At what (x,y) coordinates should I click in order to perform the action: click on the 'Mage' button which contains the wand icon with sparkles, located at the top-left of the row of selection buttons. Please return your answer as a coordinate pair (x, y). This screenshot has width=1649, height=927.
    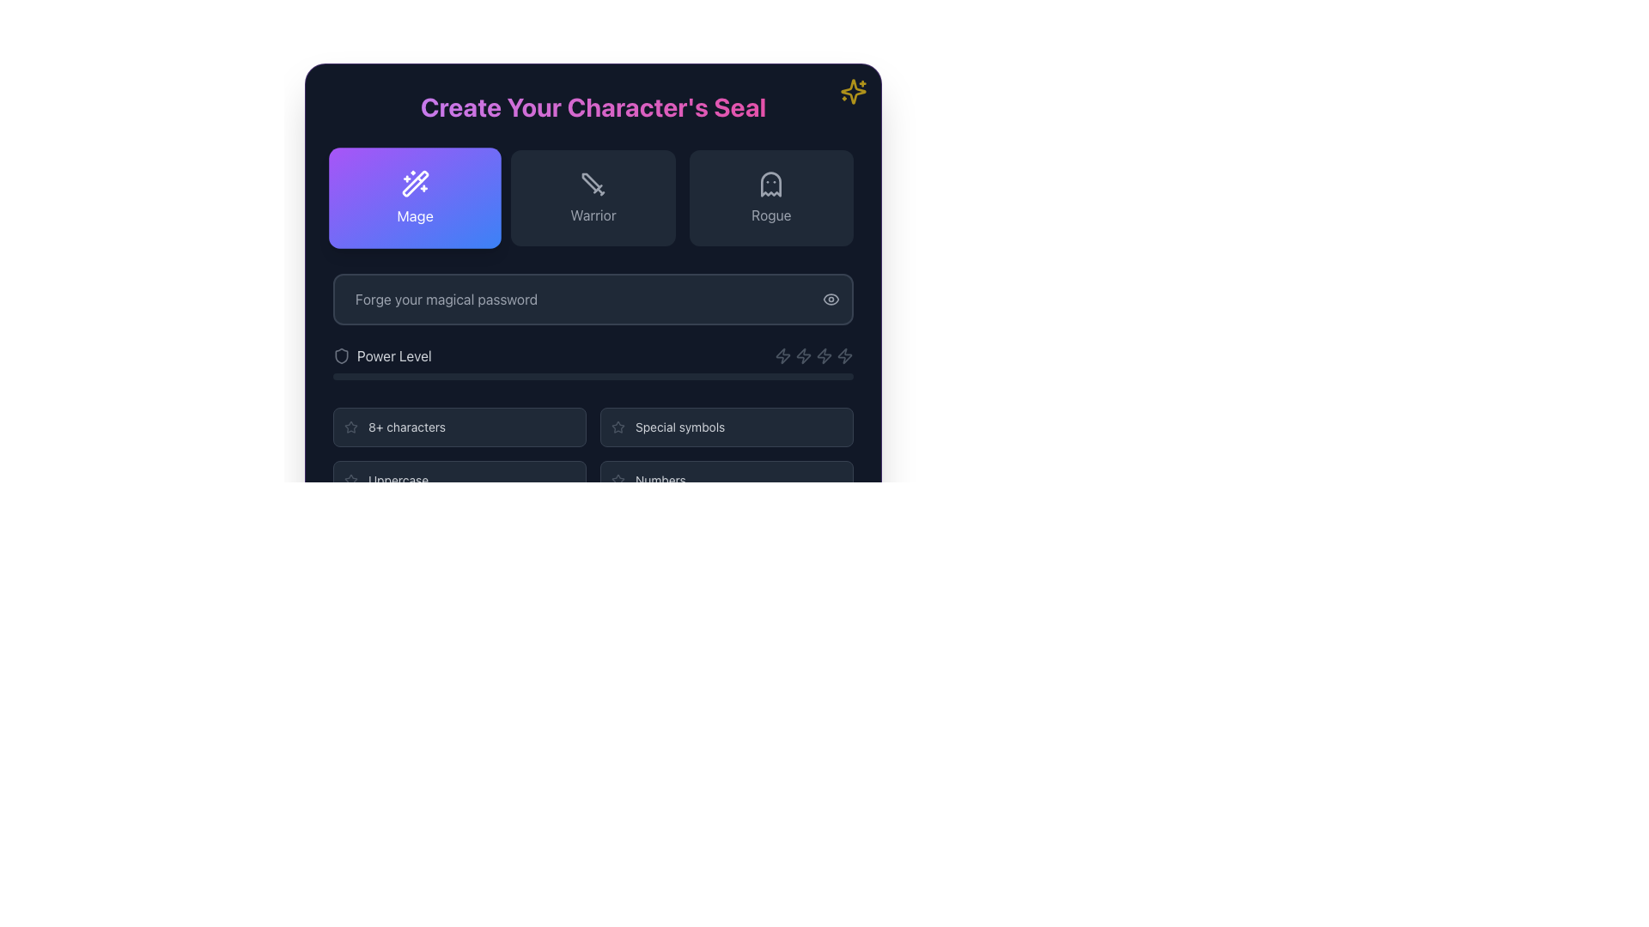
    Looking at the image, I should click on (415, 184).